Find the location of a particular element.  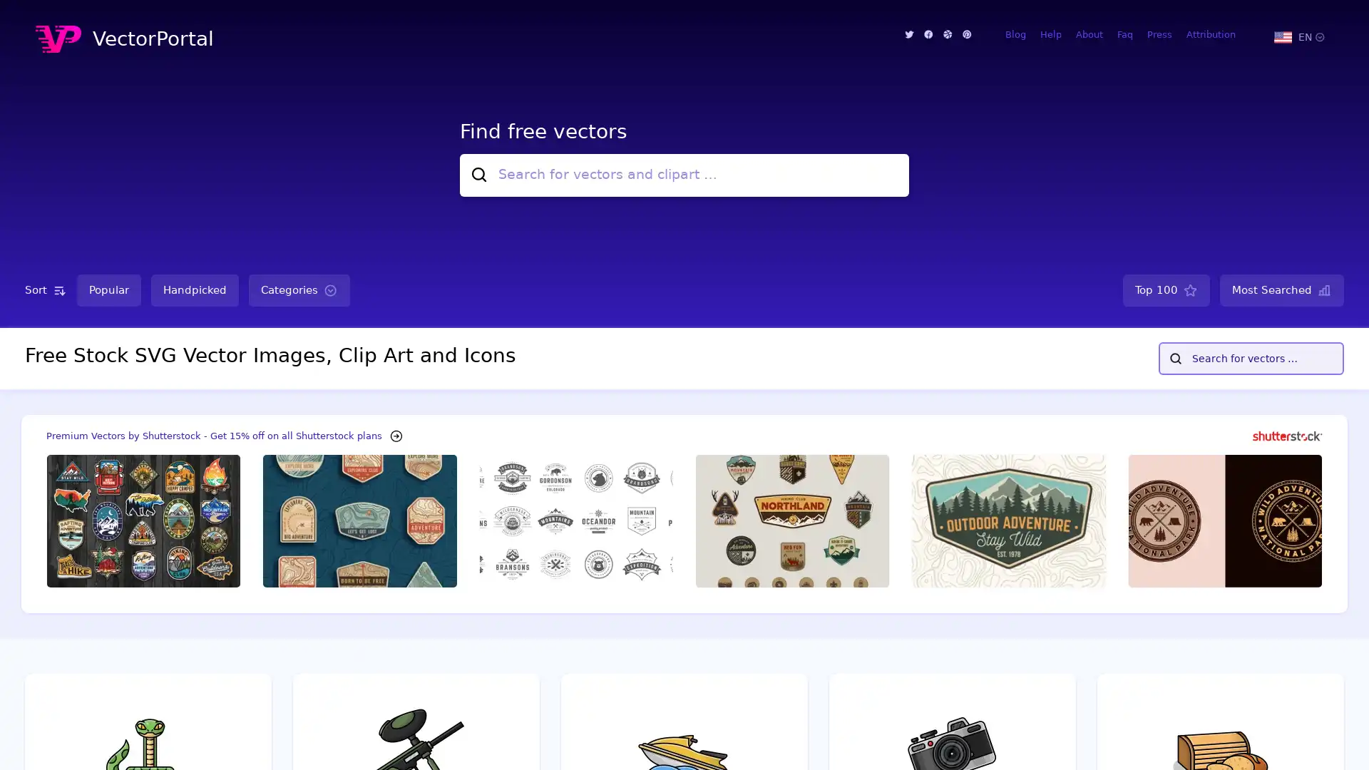

EN is located at coordinates (1298, 36).